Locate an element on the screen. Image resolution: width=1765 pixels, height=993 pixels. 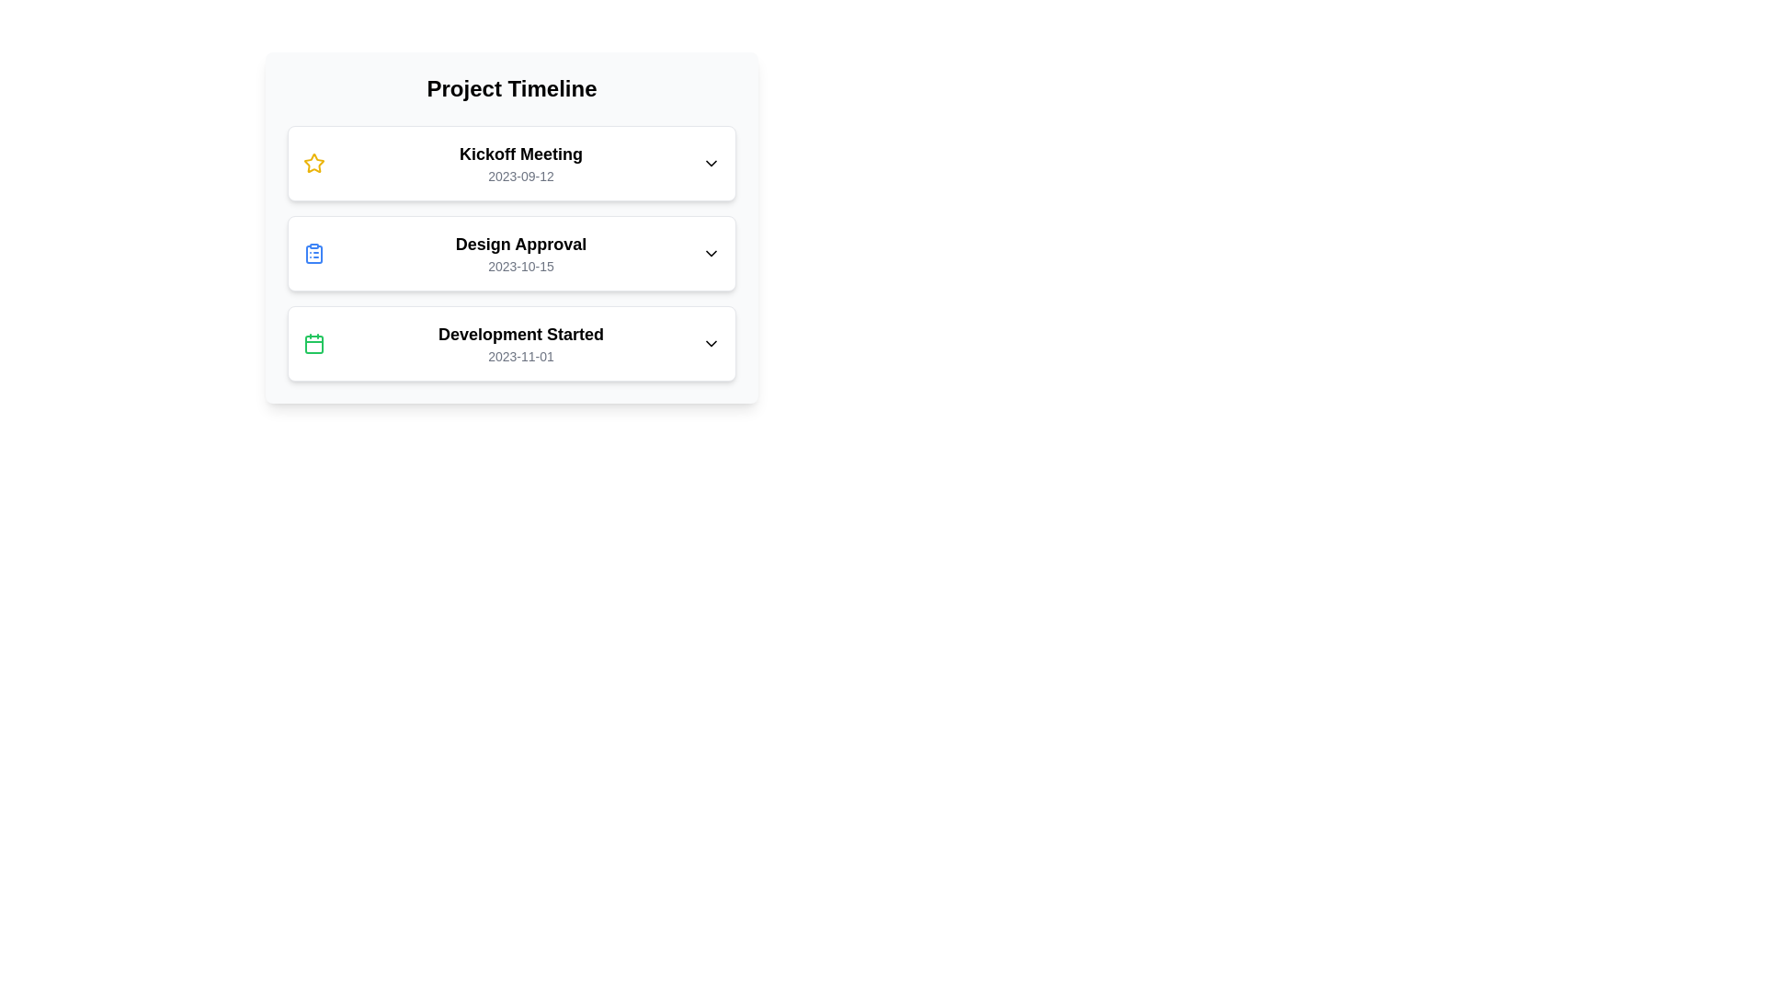
the blue clipboard-shaped SVG icon in the second item of the 'Design Approval' vertical list, located to the left of the label text is located at coordinates (313, 255).